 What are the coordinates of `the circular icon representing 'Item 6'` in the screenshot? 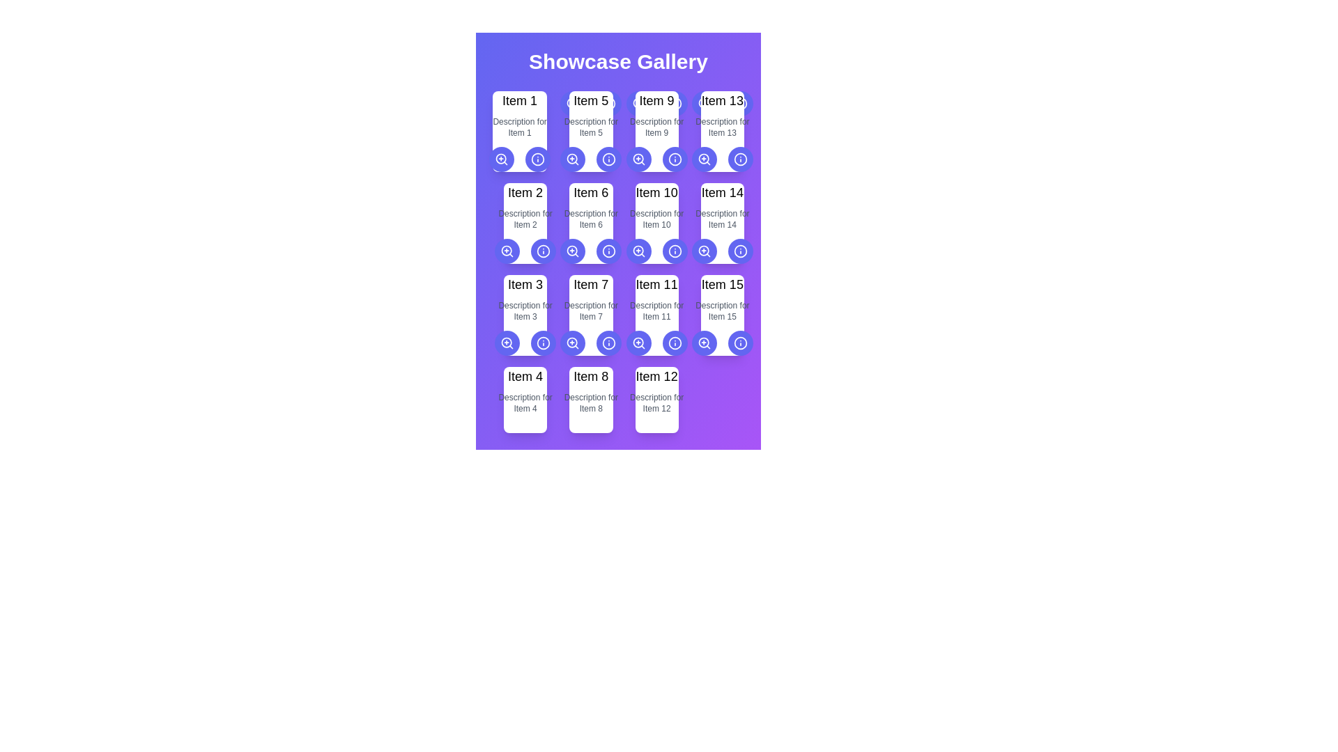 It's located at (543, 251).